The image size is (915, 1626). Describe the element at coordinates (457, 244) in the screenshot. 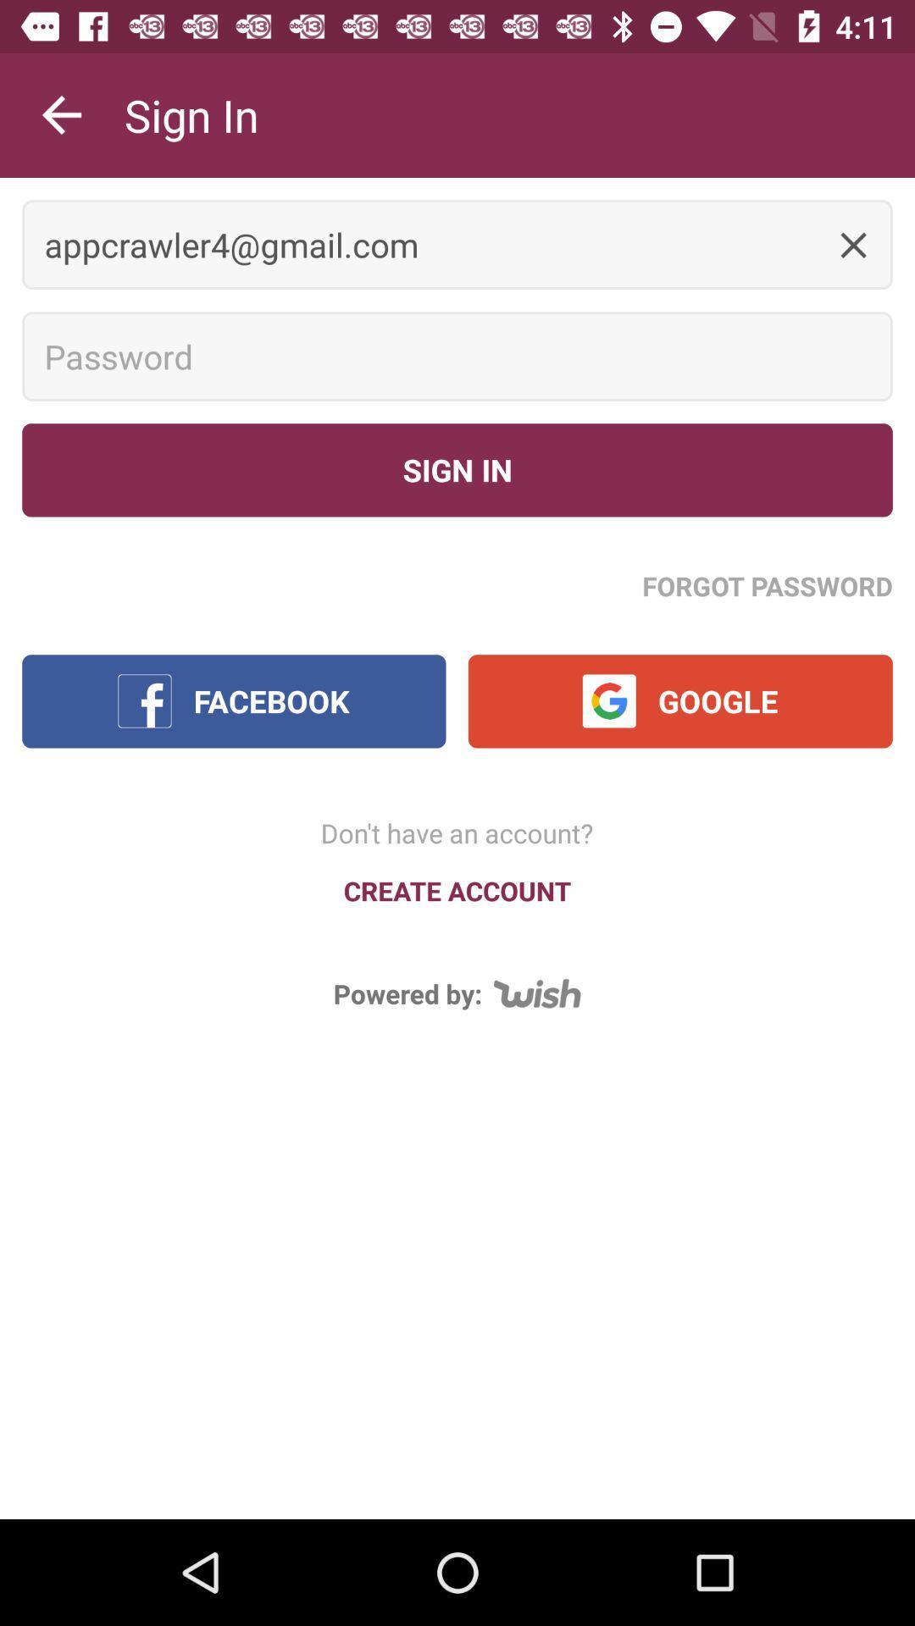

I see `the item below sign in` at that location.